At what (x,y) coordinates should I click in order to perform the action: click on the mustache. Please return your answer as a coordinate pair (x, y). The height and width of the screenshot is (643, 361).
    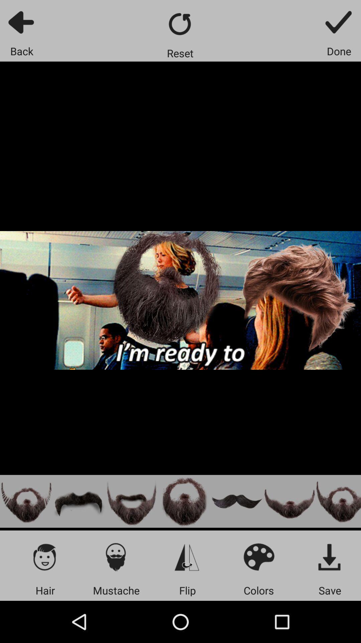
    Looking at the image, I should click on (289, 501).